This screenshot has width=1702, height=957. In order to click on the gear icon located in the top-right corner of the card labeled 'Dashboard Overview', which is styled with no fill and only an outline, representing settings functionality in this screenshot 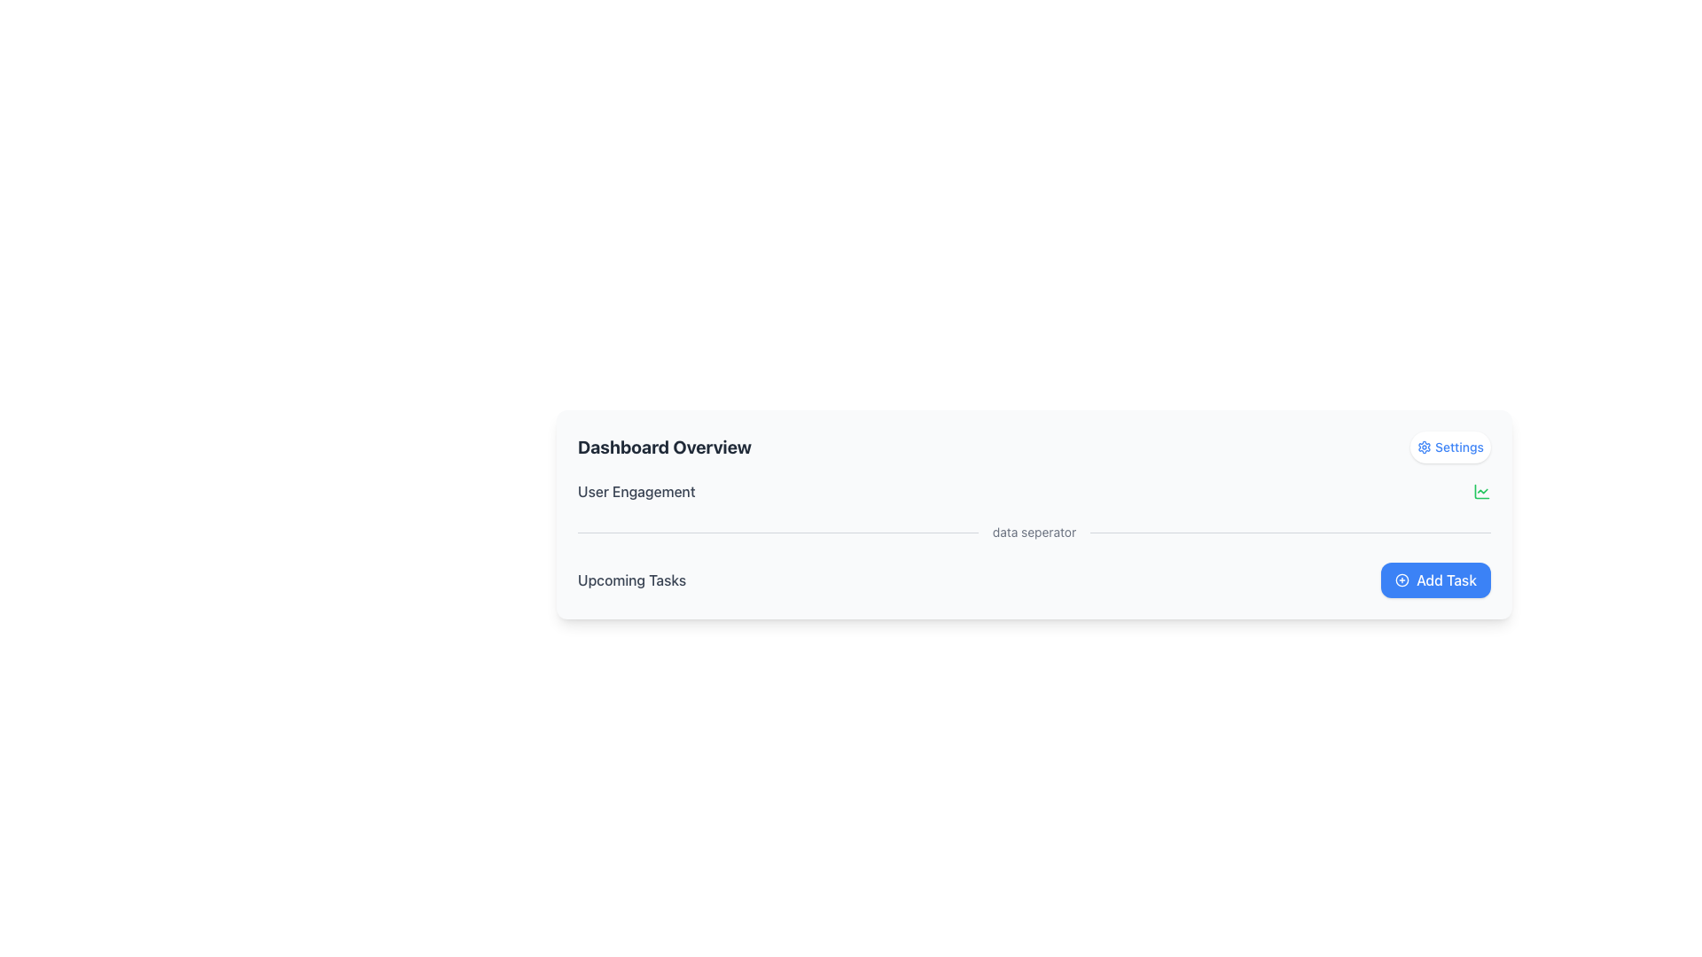, I will do `click(1425, 447)`.